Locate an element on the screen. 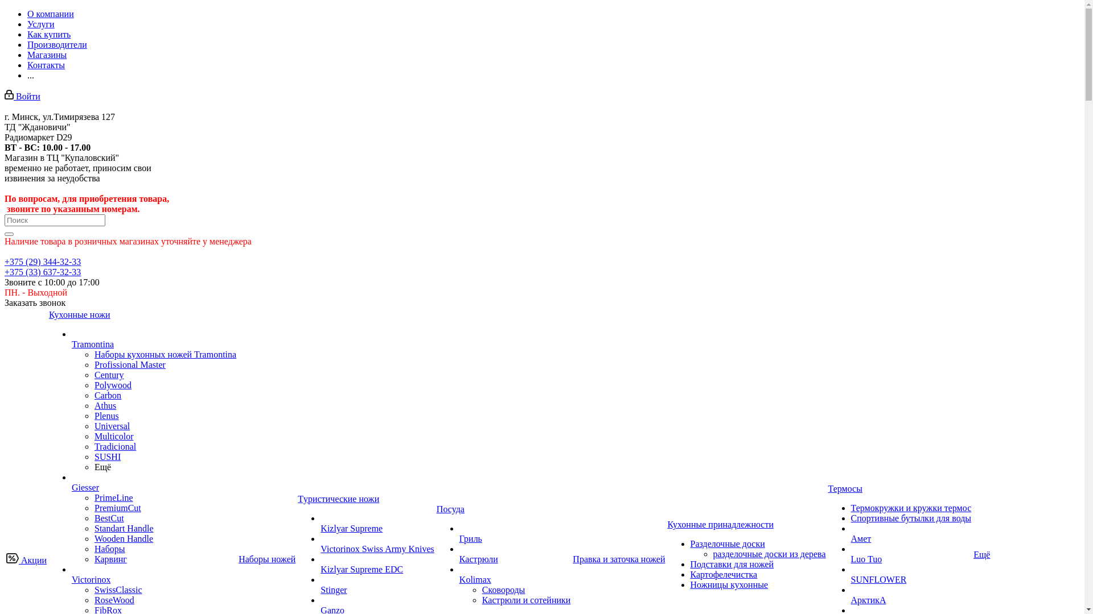  'Victorinox' is located at coordinates (90, 579).